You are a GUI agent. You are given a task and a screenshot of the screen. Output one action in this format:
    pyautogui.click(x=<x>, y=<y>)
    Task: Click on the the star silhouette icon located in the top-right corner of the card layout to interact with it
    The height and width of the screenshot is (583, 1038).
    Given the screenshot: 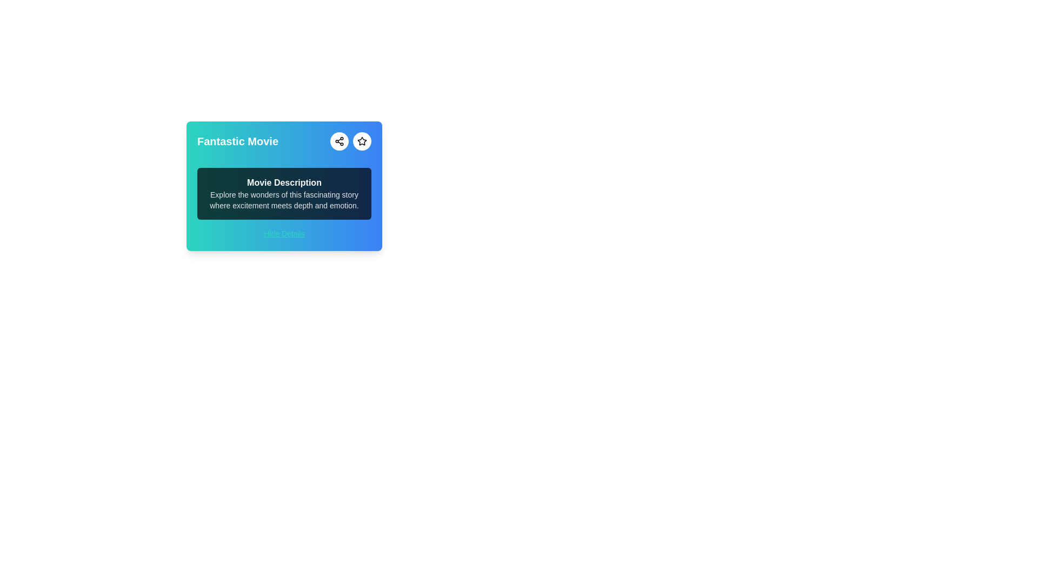 What is the action you would take?
    pyautogui.click(x=361, y=140)
    